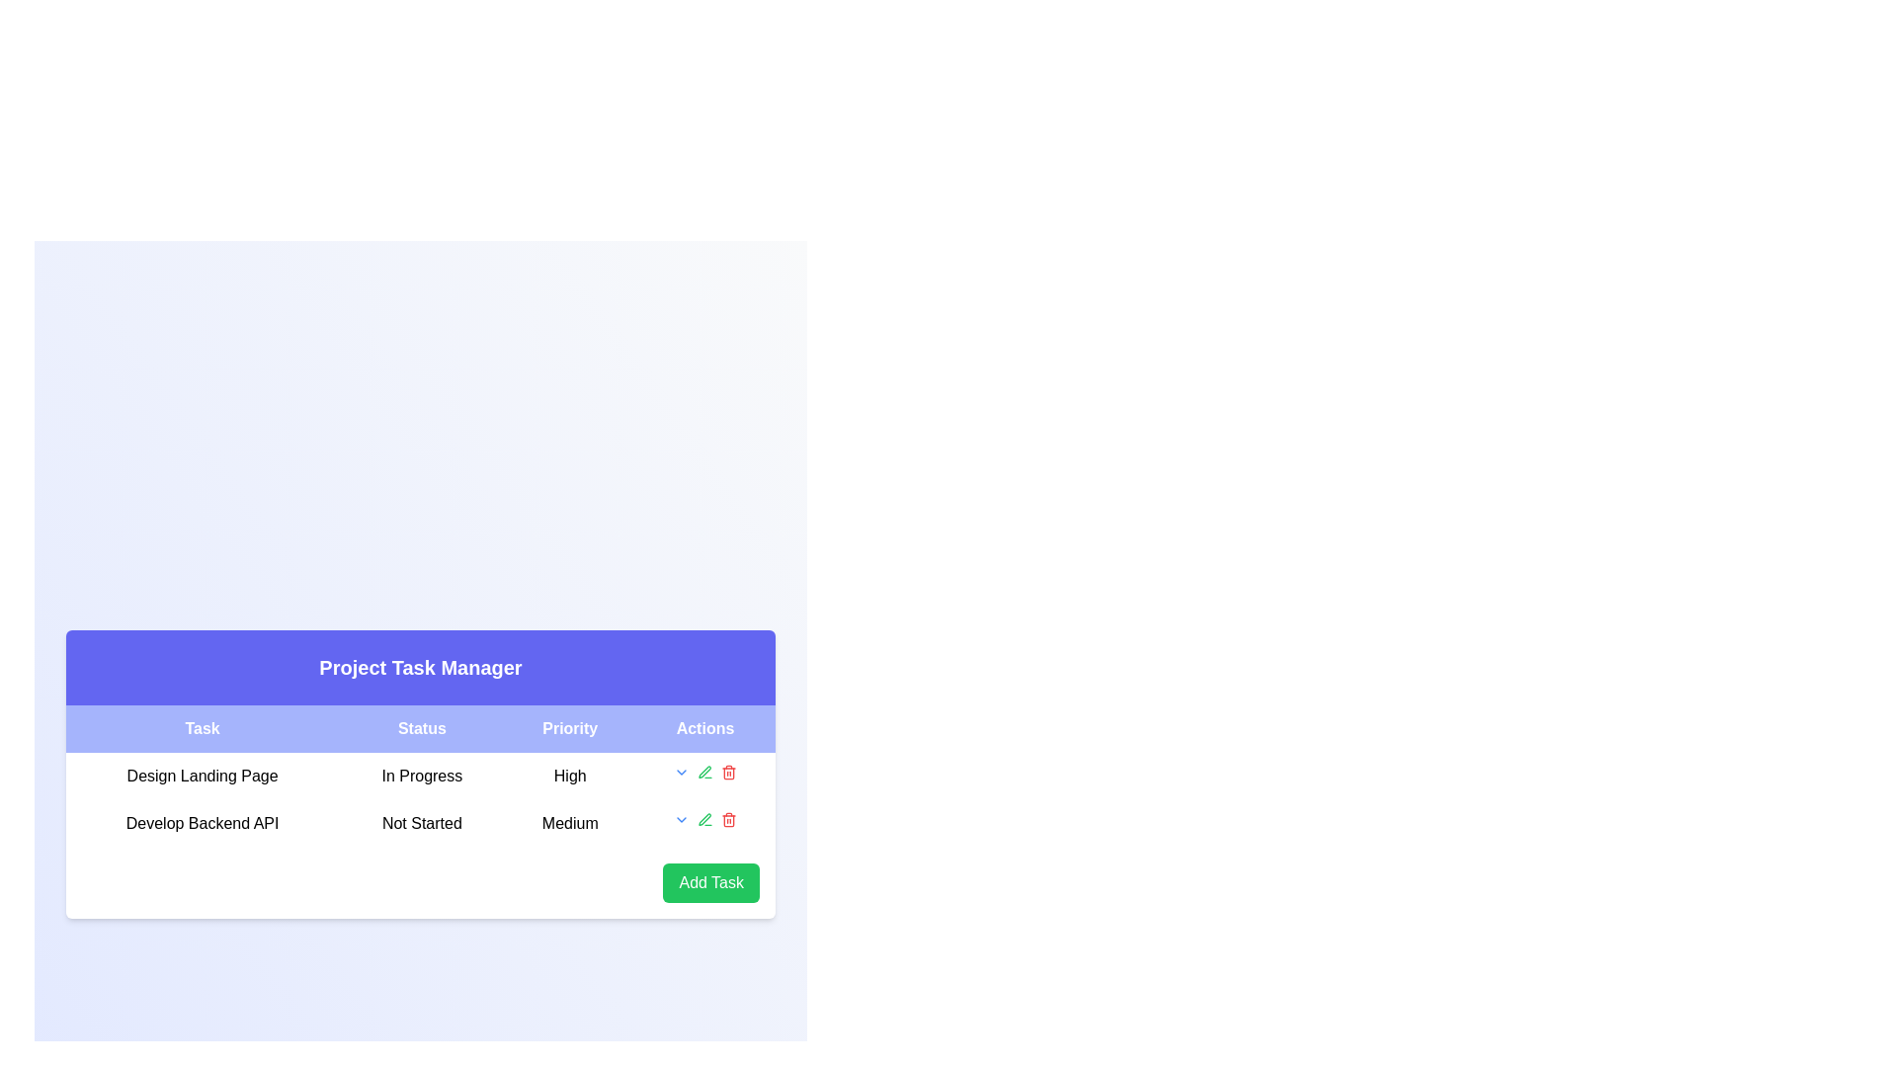 Image resolution: width=1897 pixels, height=1067 pixels. I want to click on the delete button icon associated with the task 'Develop Backend API', so click(728, 819).